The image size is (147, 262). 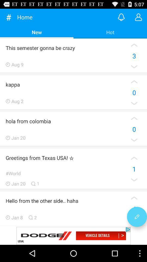 I want to click on the notifications icon, so click(x=121, y=18).